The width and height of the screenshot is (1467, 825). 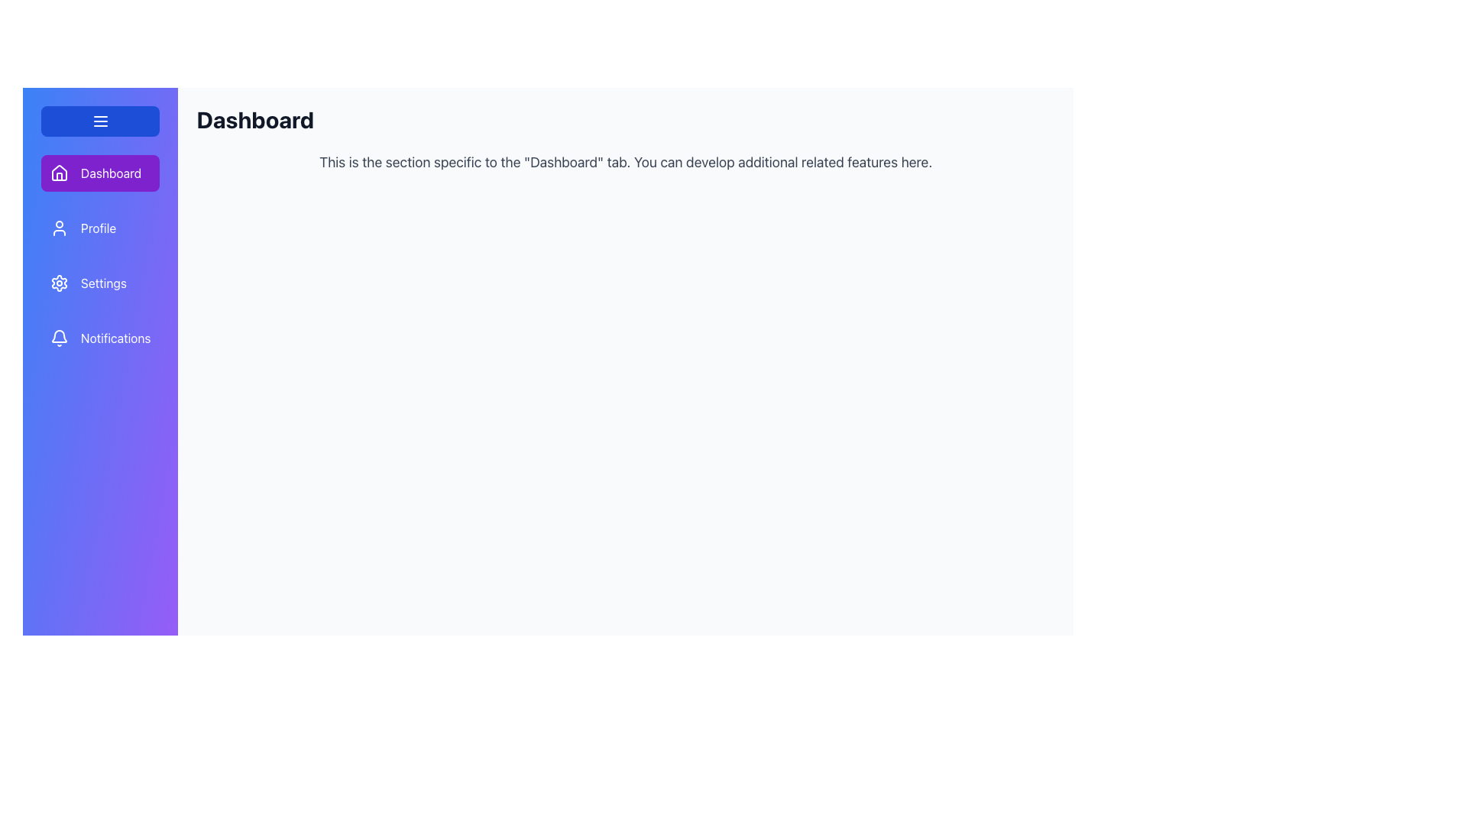 I want to click on the 'Profile' navigation button located in the sidebar, so click(x=99, y=228).